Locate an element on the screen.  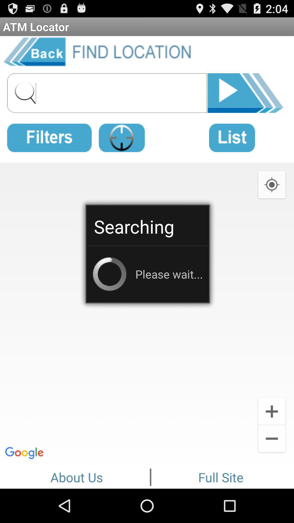
the icon at the top left corner is located at coordinates (49, 137).